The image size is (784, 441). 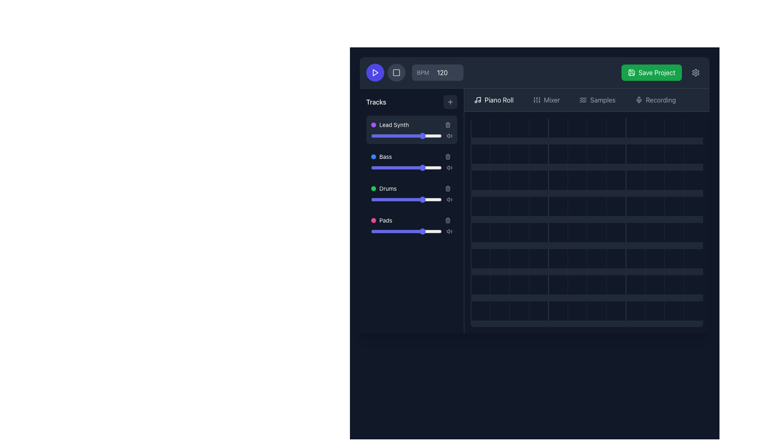 What do you see at coordinates (674, 154) in the screenshot?
I see `the square-shaped placeholder element with a dark background located in the 12th column of the 5th row within the grid layout` at bounding box center [674, 154].